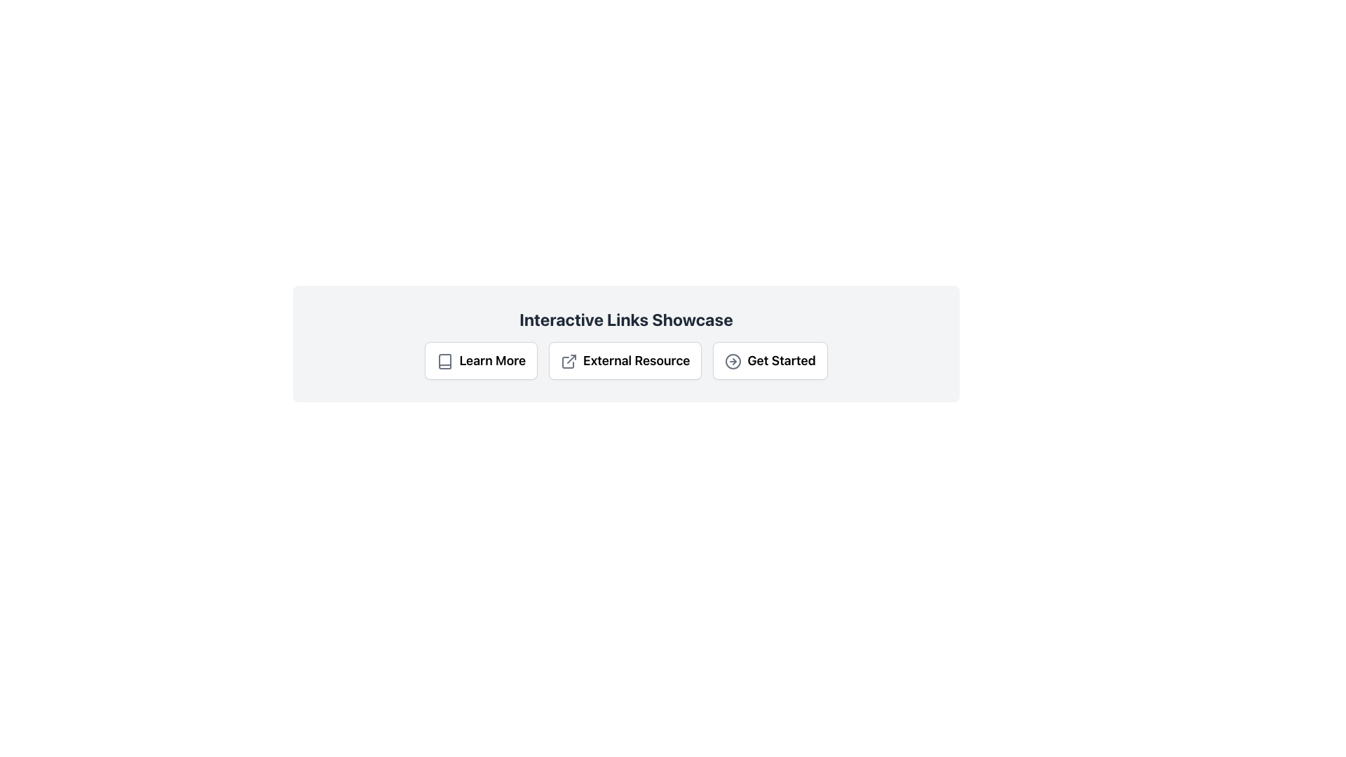 The image size is (1346, 757). I want to click on the 'Learn More' button icon that visually represents the button's purpose, located at the center of the interface, so click(444, 361).